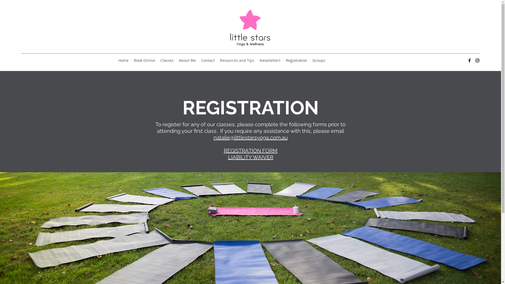 The width and height of the screenshot is (505, 284). I want to click on 'Registration', so click(296, 60).